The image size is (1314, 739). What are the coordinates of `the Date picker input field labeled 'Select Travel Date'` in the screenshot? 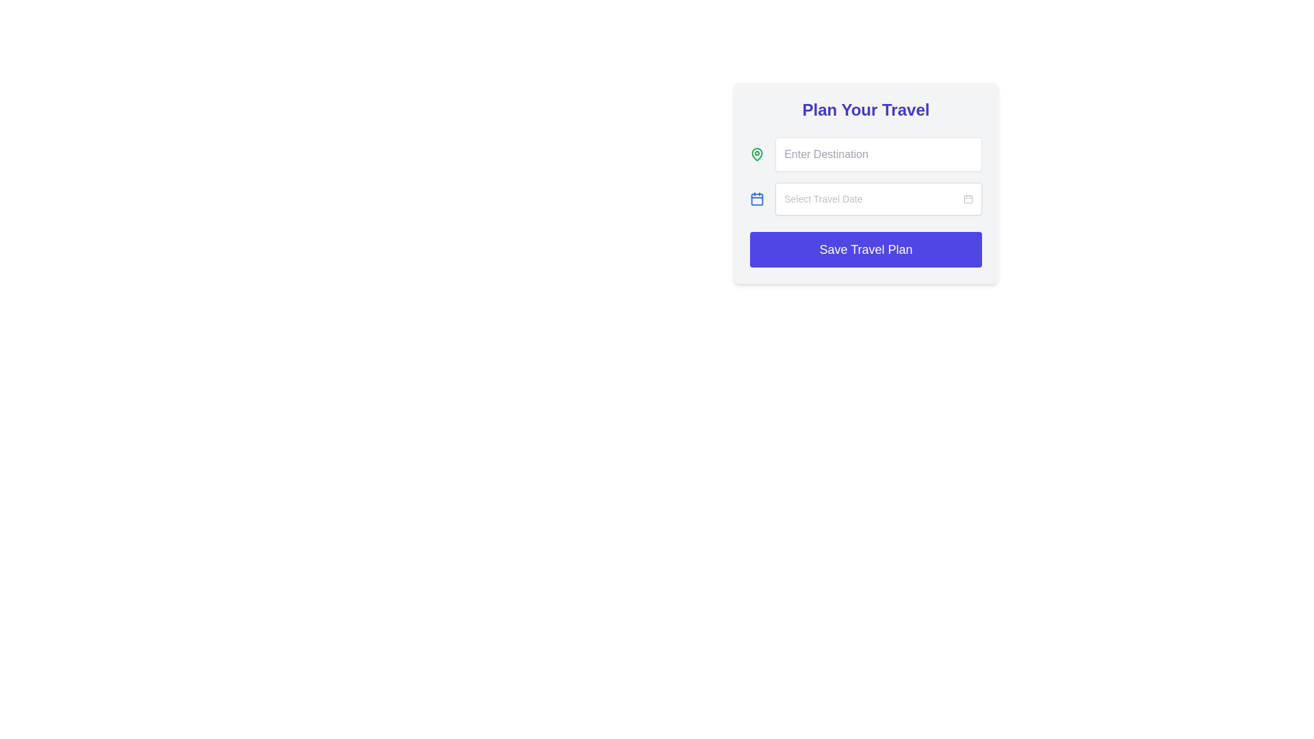 It's located at (865, 198).